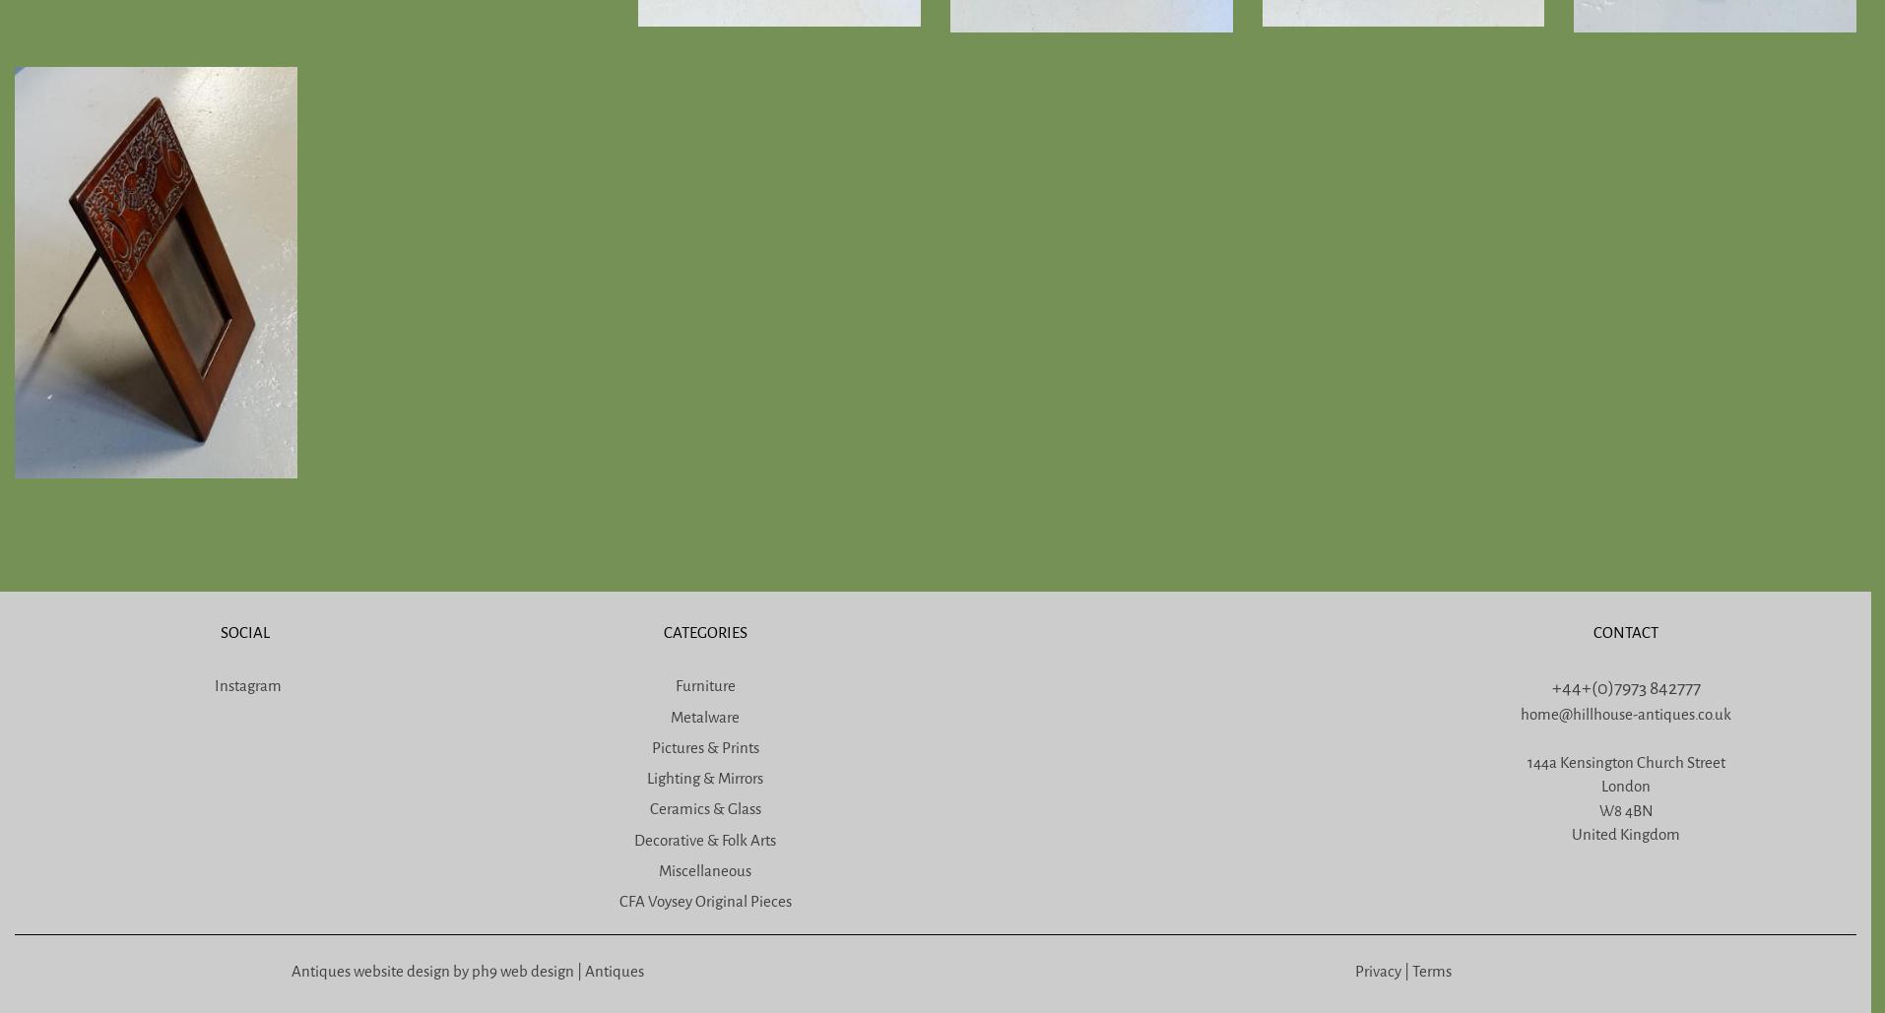 The height and width of the screenshot is (1013, 1885). What do you see at coordinates (613, 969) in the screenshot?
I see `'Antiques'` at bounding box center [613, 969].